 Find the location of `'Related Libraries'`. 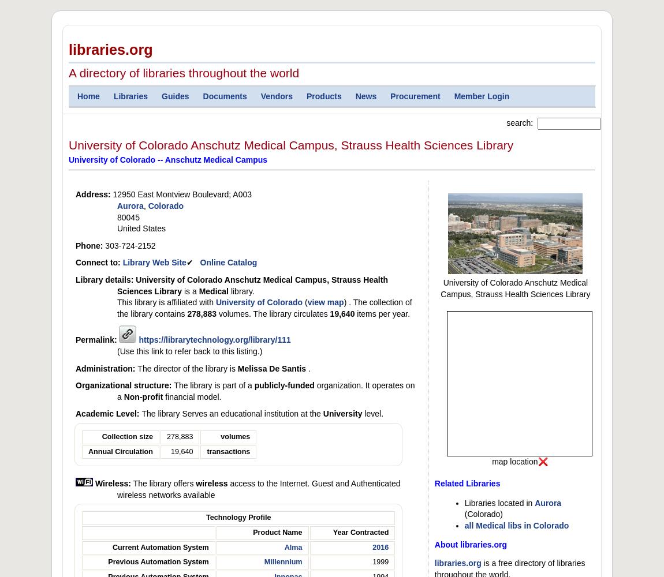

'Related Libraries' is located at coordinates (467, 483).